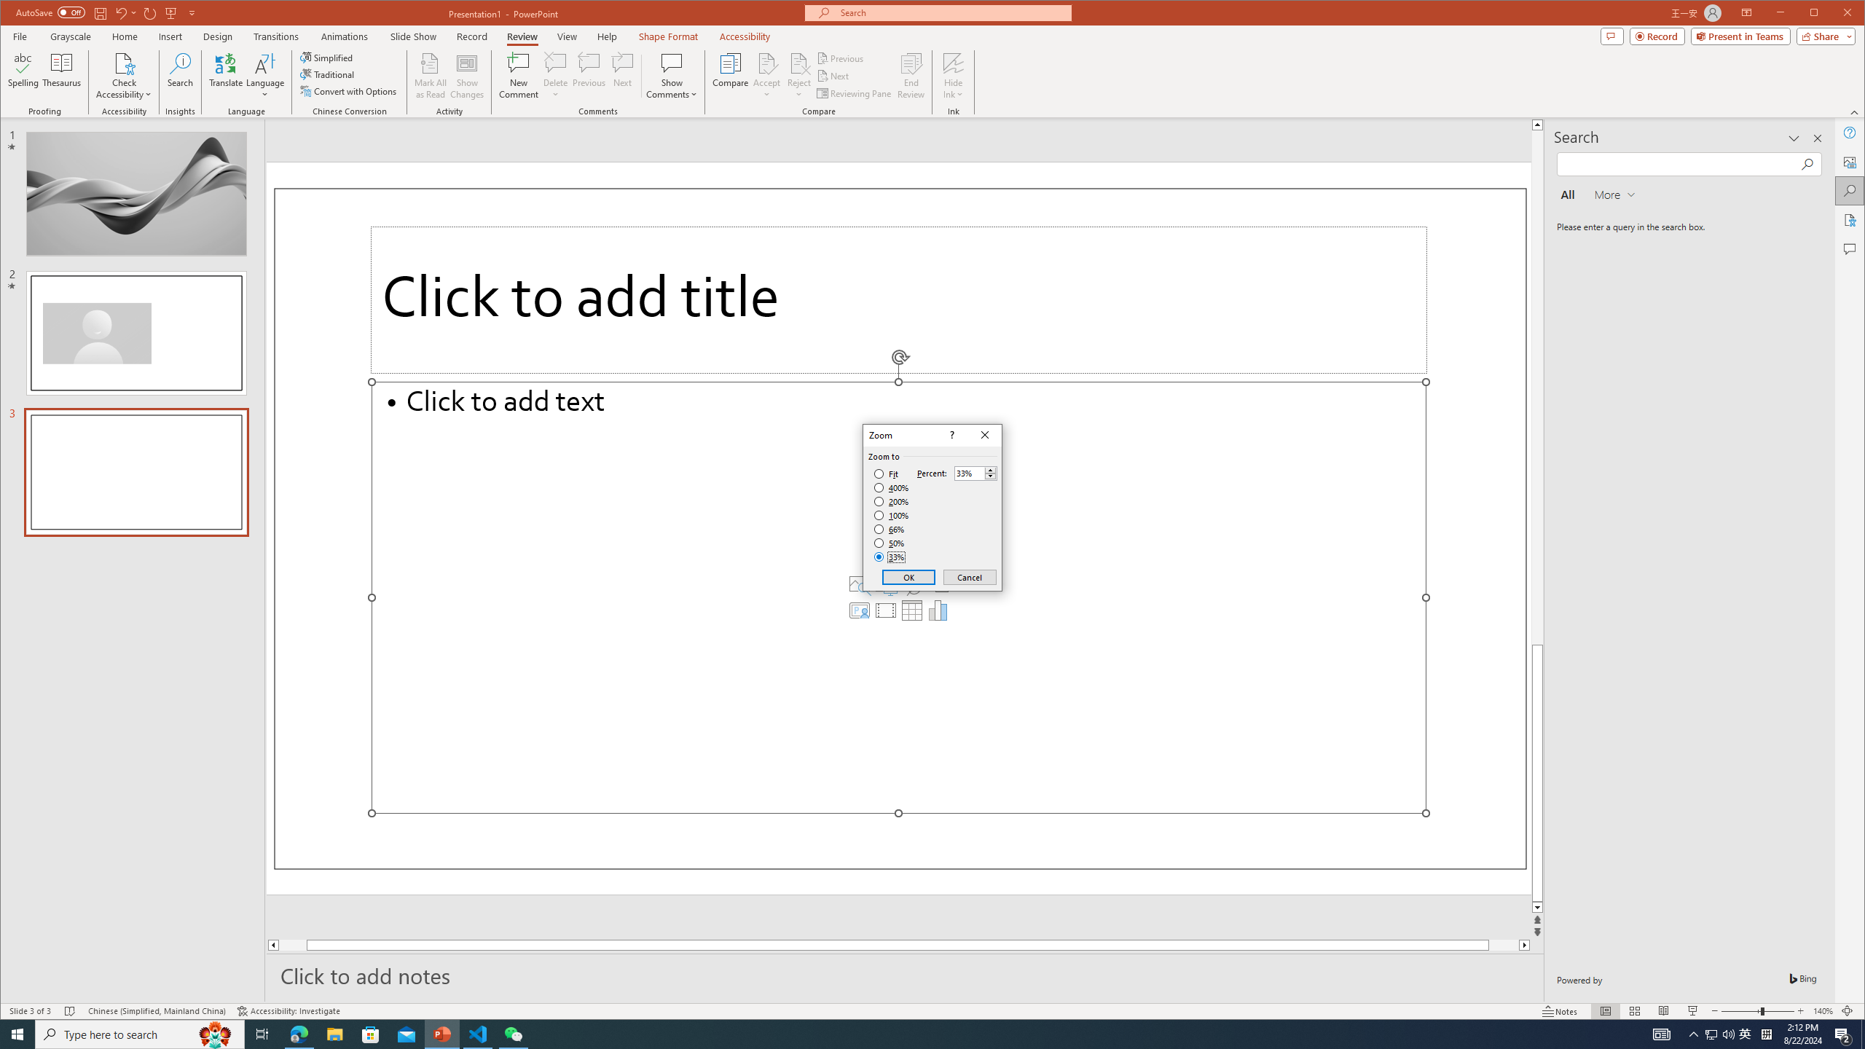  I want to click on 'Percent', so click(976, 472).